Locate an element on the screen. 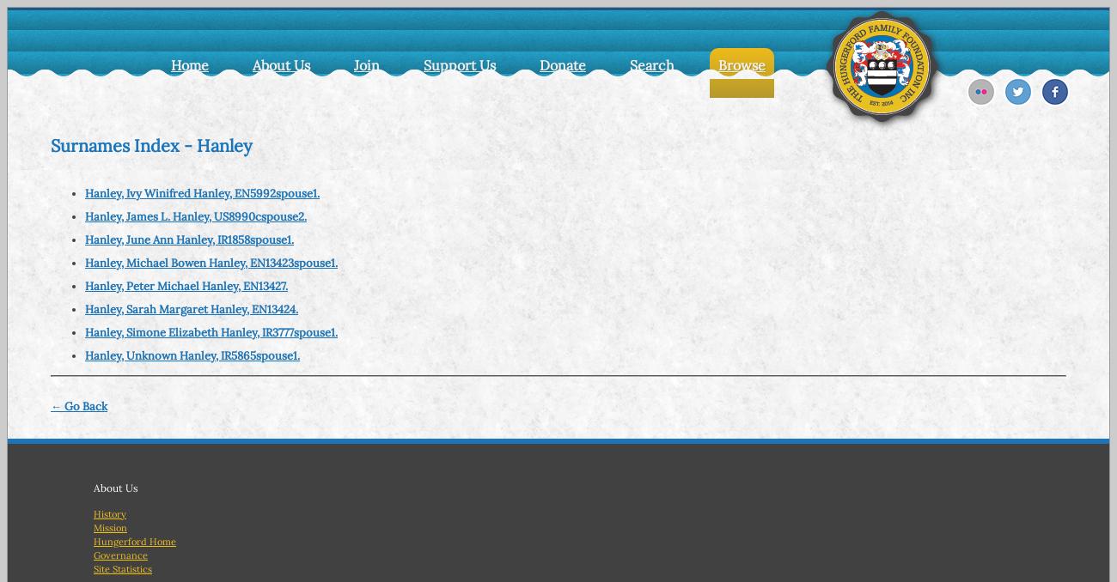 The height and width of the screenshot is (582, 1117). 'Hanley, Ivy Winifred Hanley, EN5992spouse1.' is located at coordinates (85, 192).